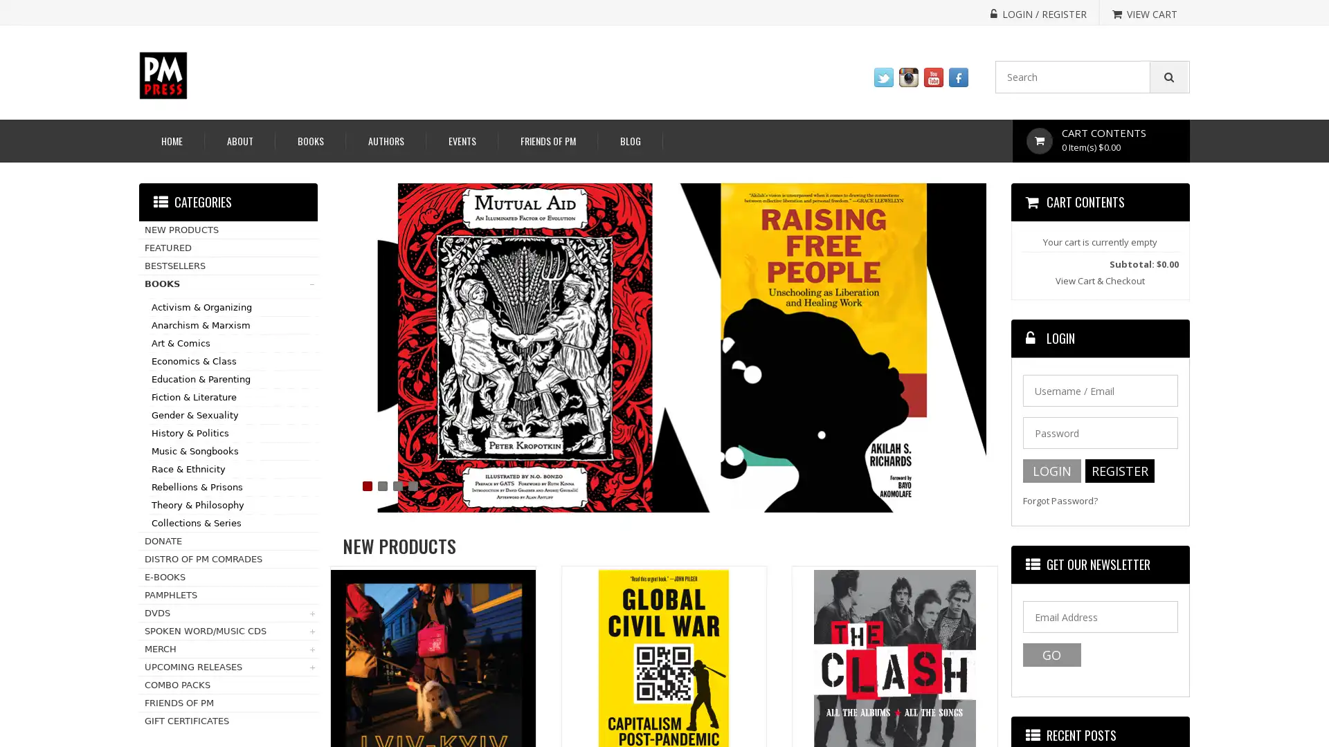 The height and width of the screenshot is (747, 1329). What do you see at coordinates (1051, 654) in the screenshot?
I see `Go` at bounding box center [1051, 654].